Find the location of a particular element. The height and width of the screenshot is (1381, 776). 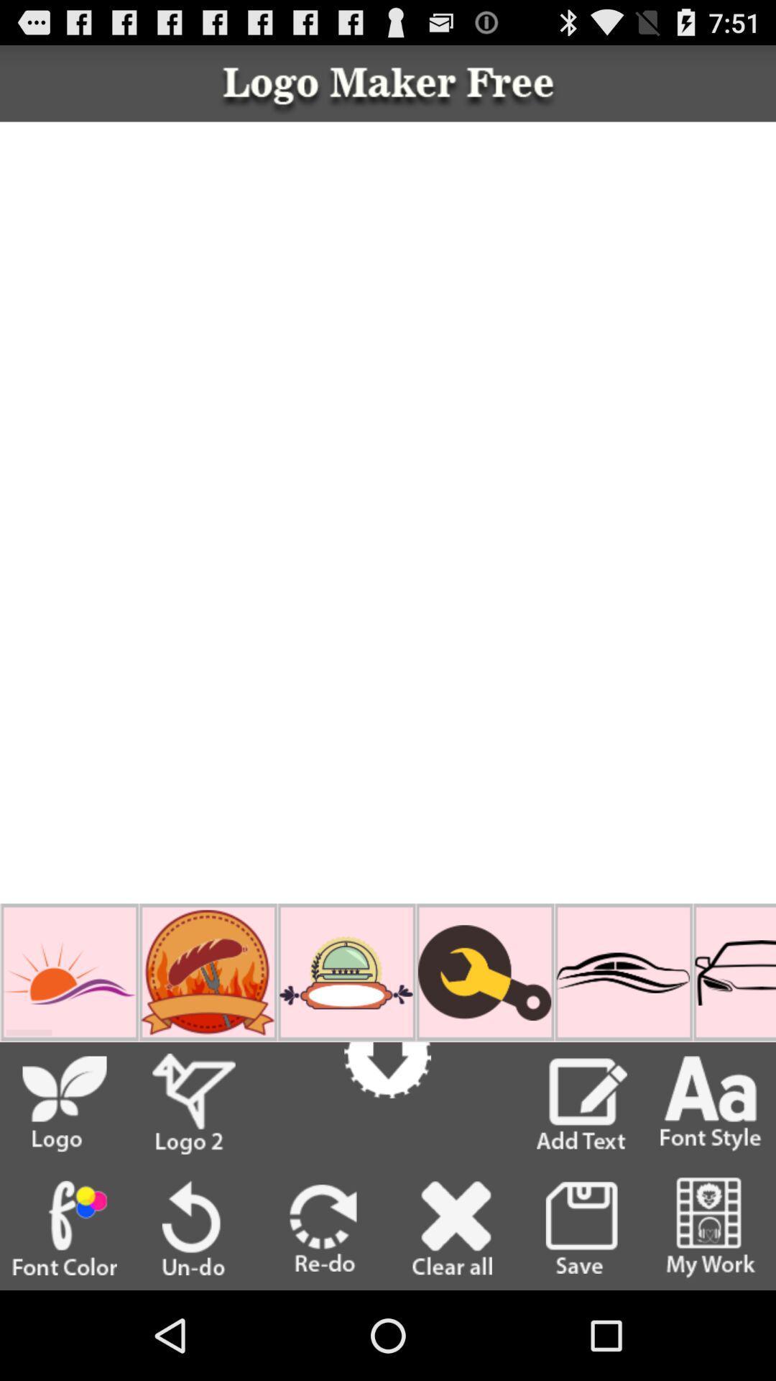

my work is located at coordinates (711, 1227).